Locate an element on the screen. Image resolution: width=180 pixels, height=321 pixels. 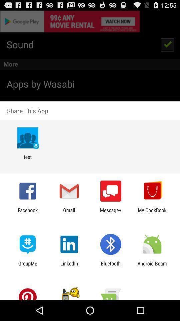
the icon to the left of my cookbook item is located at coordinates (111, 213).